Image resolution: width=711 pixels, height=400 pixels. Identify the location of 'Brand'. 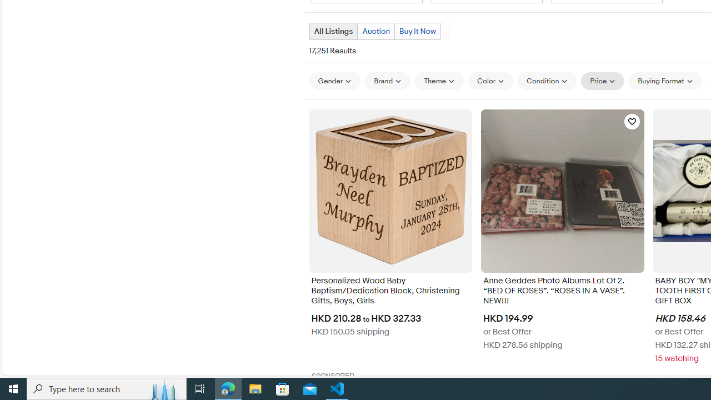
(388, 80).